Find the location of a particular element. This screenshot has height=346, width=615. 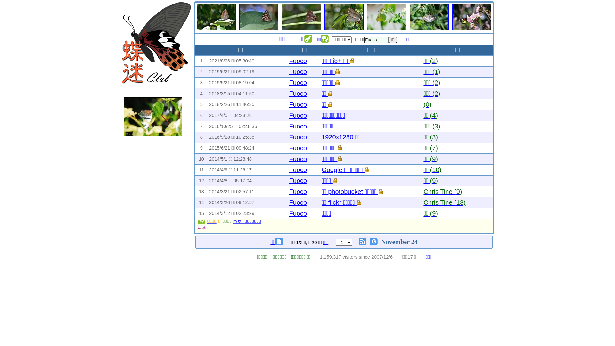

'Fuoco' is located at coordinates (298, 71).